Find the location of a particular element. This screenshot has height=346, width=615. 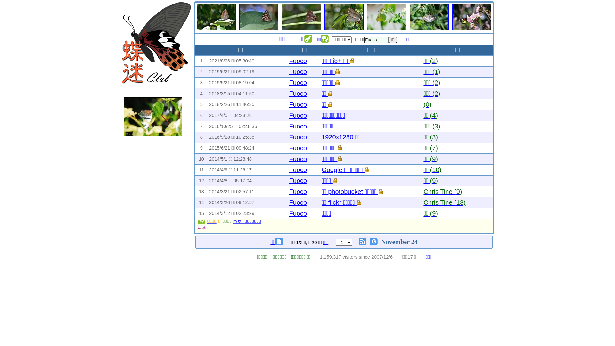

'Fuoco' is located at coordinates (298, 71).